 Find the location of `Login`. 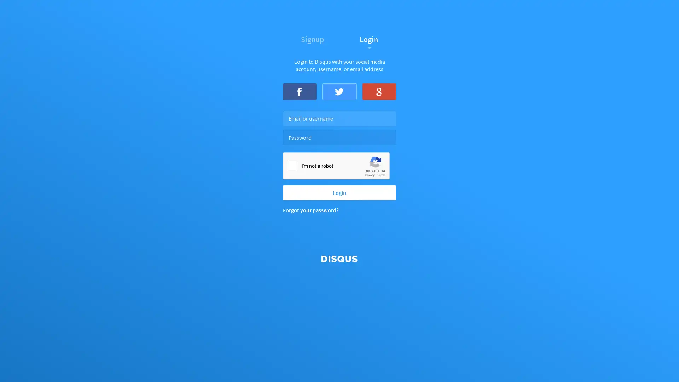

Login is located at coordinates (339, 192).